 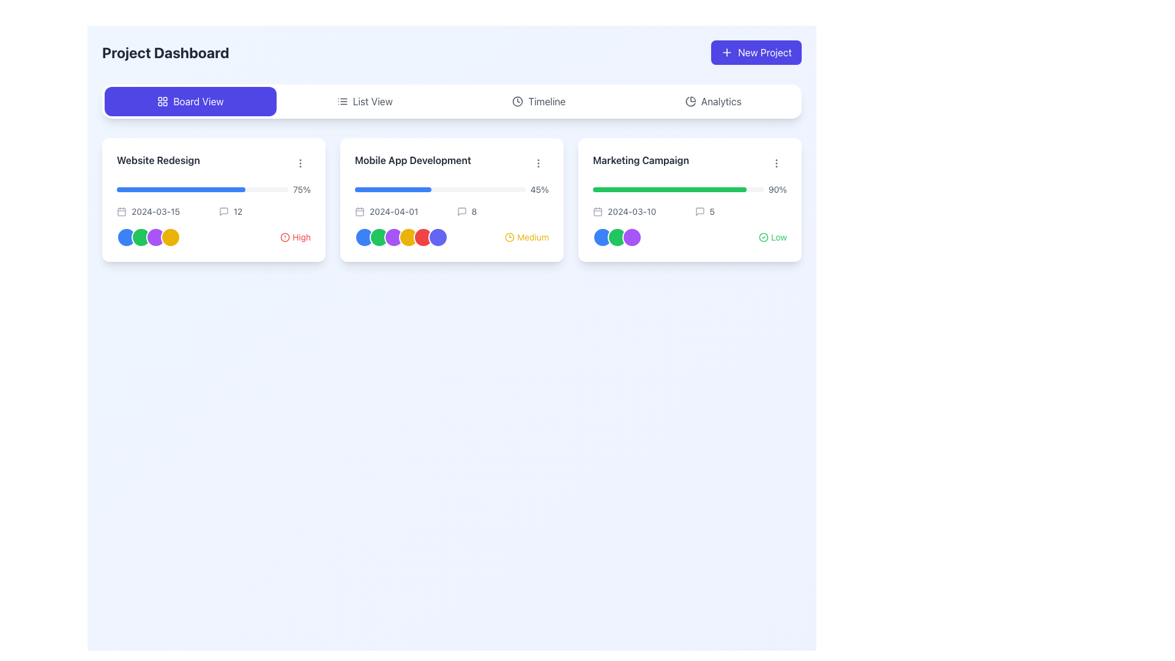 I want to click on the 'List View' button, which features an icon of three horizontal lines and the text 'List View', located in the horizontal navigation bar near the top of the interface, so click(x=364, y=100).